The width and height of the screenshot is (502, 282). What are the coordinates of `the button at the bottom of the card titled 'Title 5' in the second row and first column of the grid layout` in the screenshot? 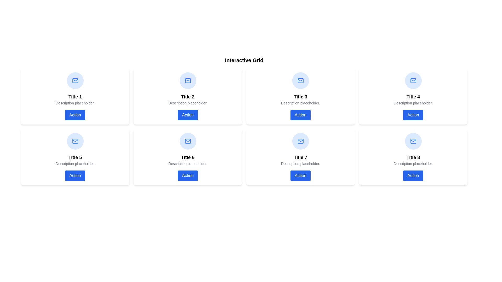 It's located at (75, 175).